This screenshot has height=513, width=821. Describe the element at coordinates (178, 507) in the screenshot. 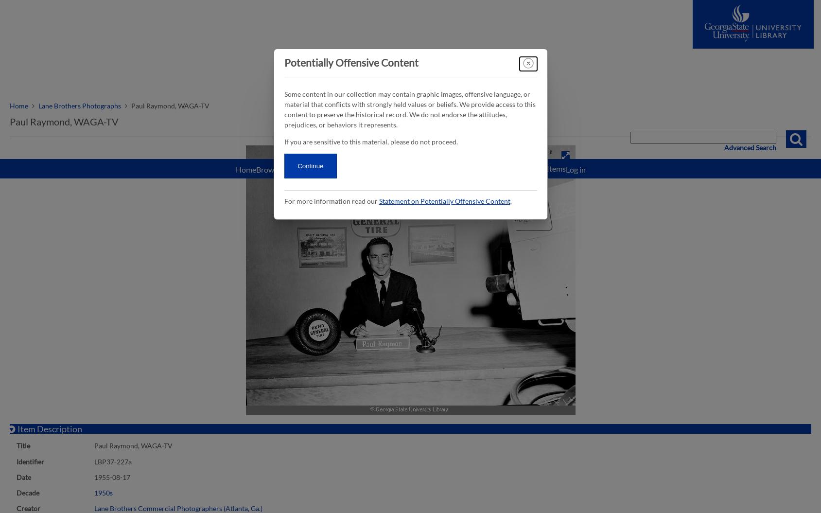

I see `'Lane Brothers Commercial Photographers (Atlanta, Ga.)'` at that location.